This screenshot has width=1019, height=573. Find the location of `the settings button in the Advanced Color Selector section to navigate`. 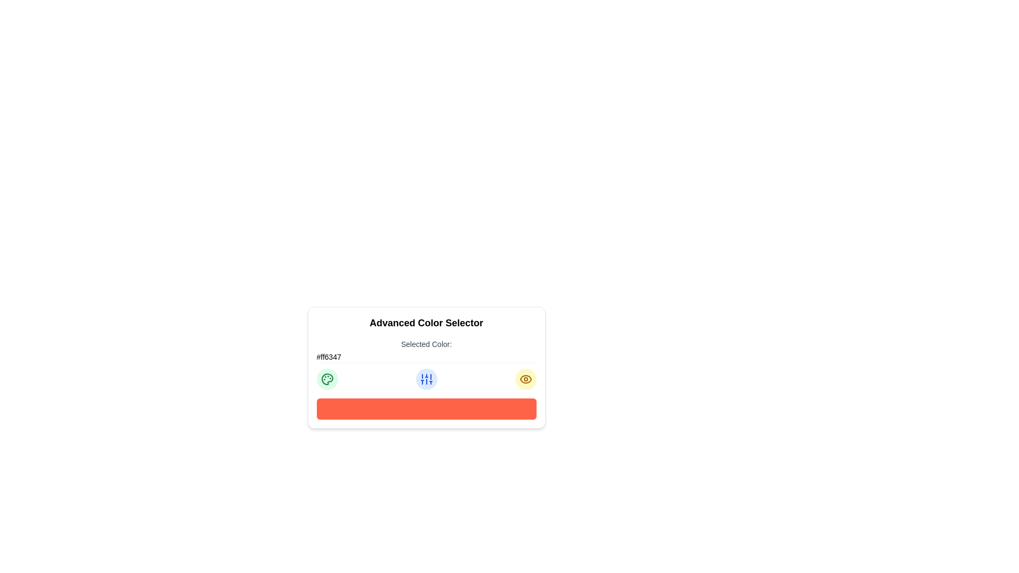

the settings button in the Advanced Color Selector section to navigate is located at coordinates (426, 378).